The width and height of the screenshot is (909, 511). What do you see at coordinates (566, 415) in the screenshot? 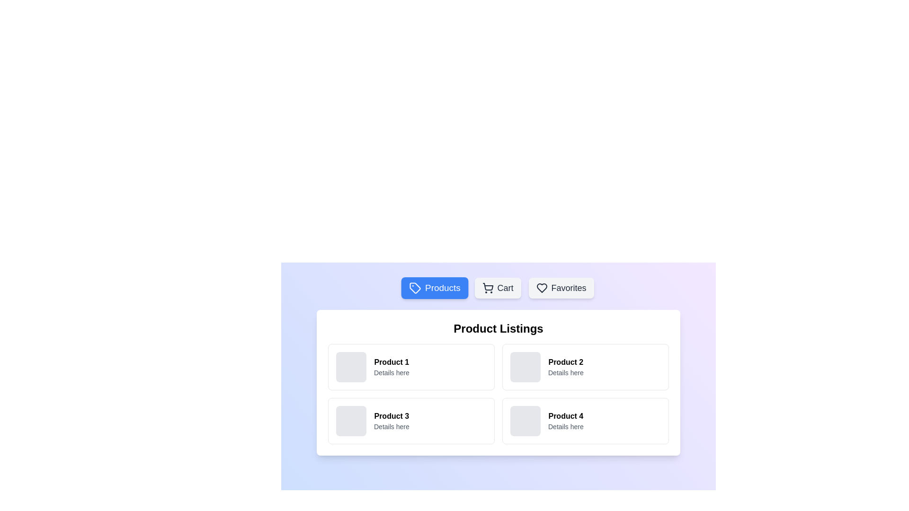
I see `the text label displaying the product name located in the lower-right corner of the grid layout under 'Product Listings', positioned to the right of 'Product 3'` at bounding box center [566, 415].